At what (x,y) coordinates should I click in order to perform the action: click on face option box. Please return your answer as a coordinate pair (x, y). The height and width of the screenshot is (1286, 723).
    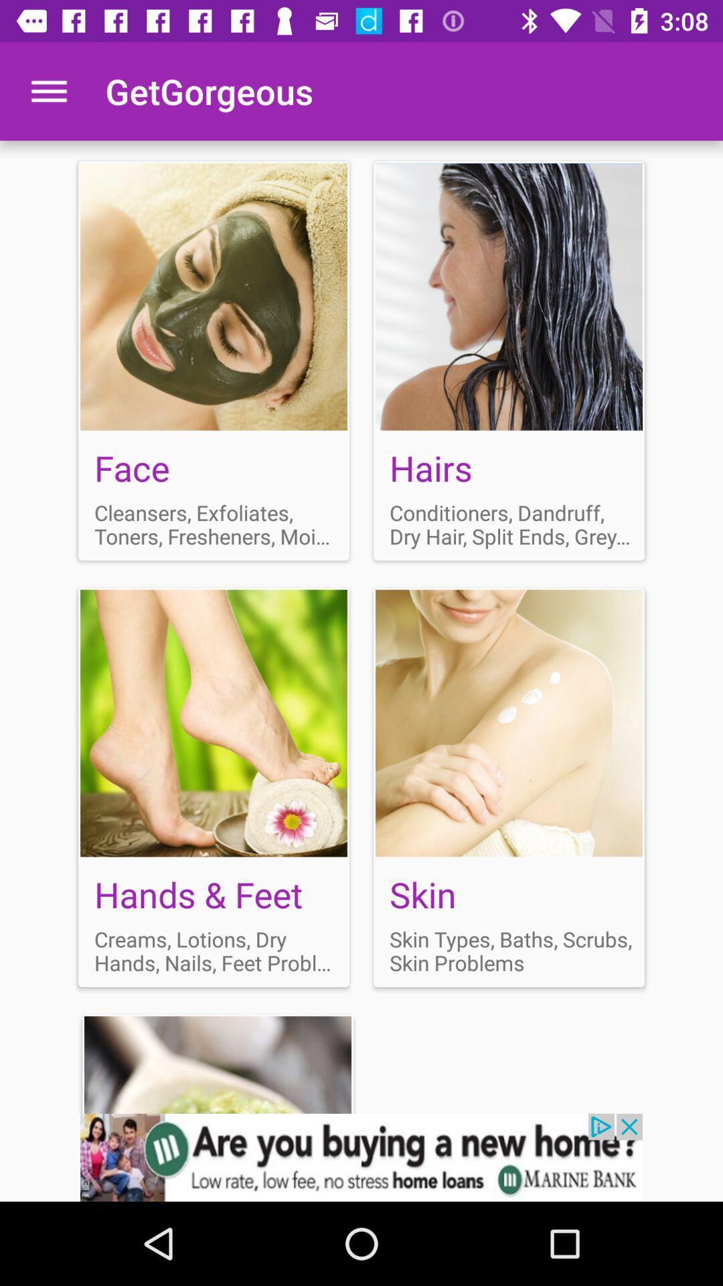
    Looking at the image, I should click on (213, 360).